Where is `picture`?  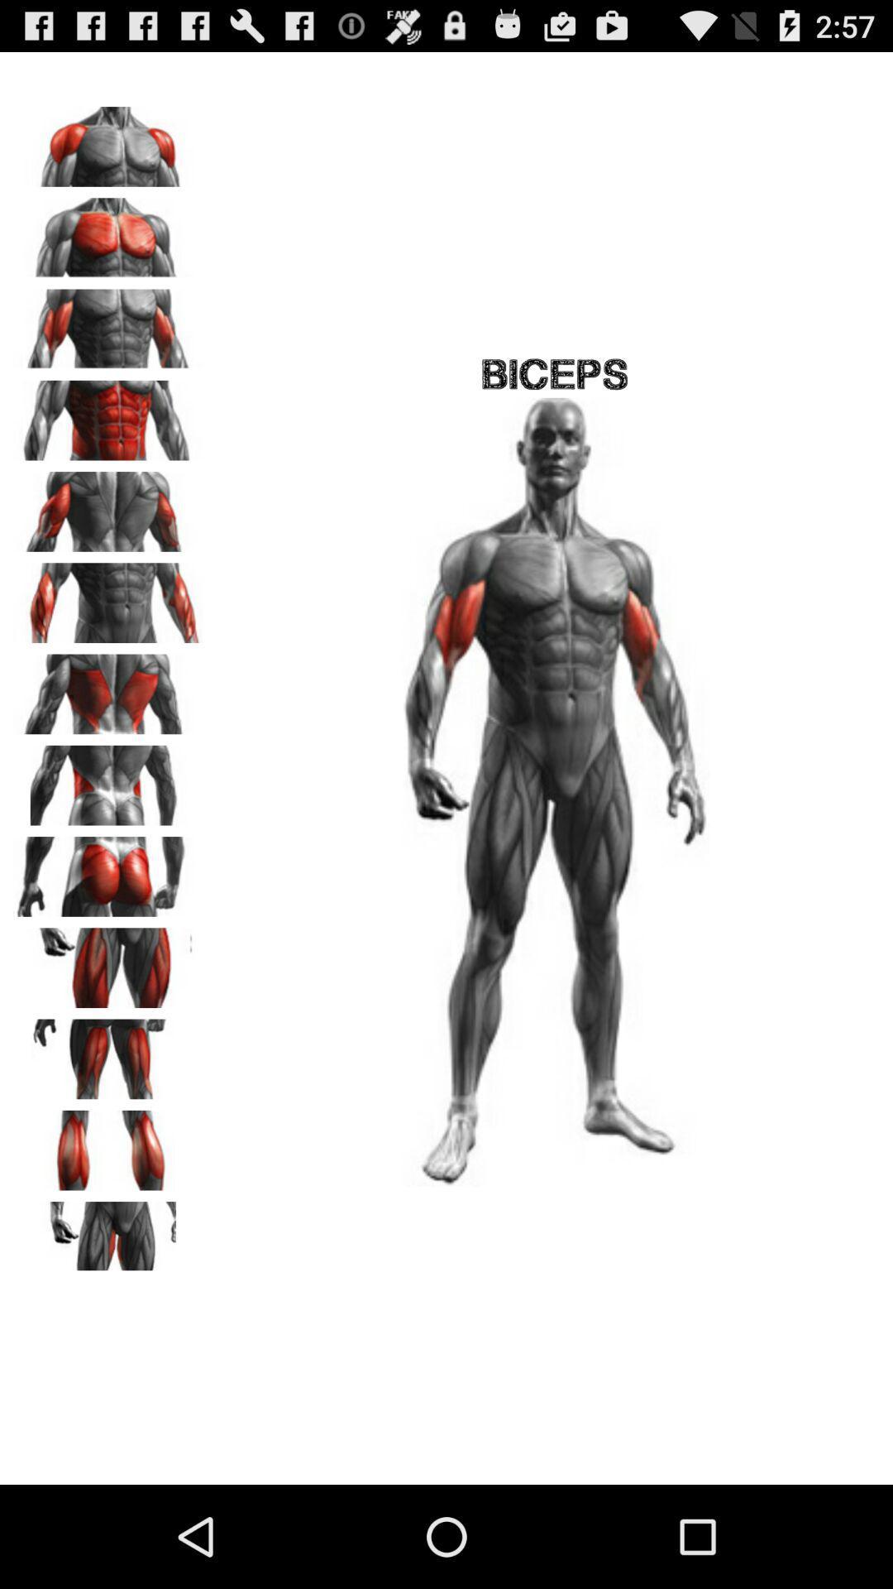 picture is located at coordinates (108, 231).